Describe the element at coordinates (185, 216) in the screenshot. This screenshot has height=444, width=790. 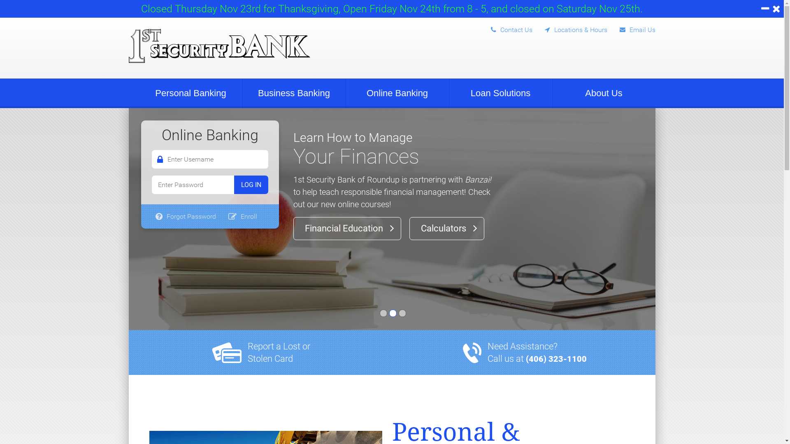
I see `'Forgot Password'` at that location.